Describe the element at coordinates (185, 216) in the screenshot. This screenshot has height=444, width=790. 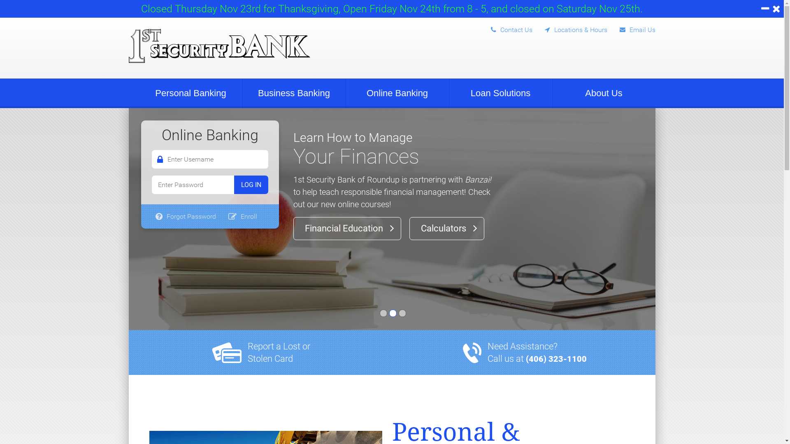
I see `'Forgot Password'` at that location.